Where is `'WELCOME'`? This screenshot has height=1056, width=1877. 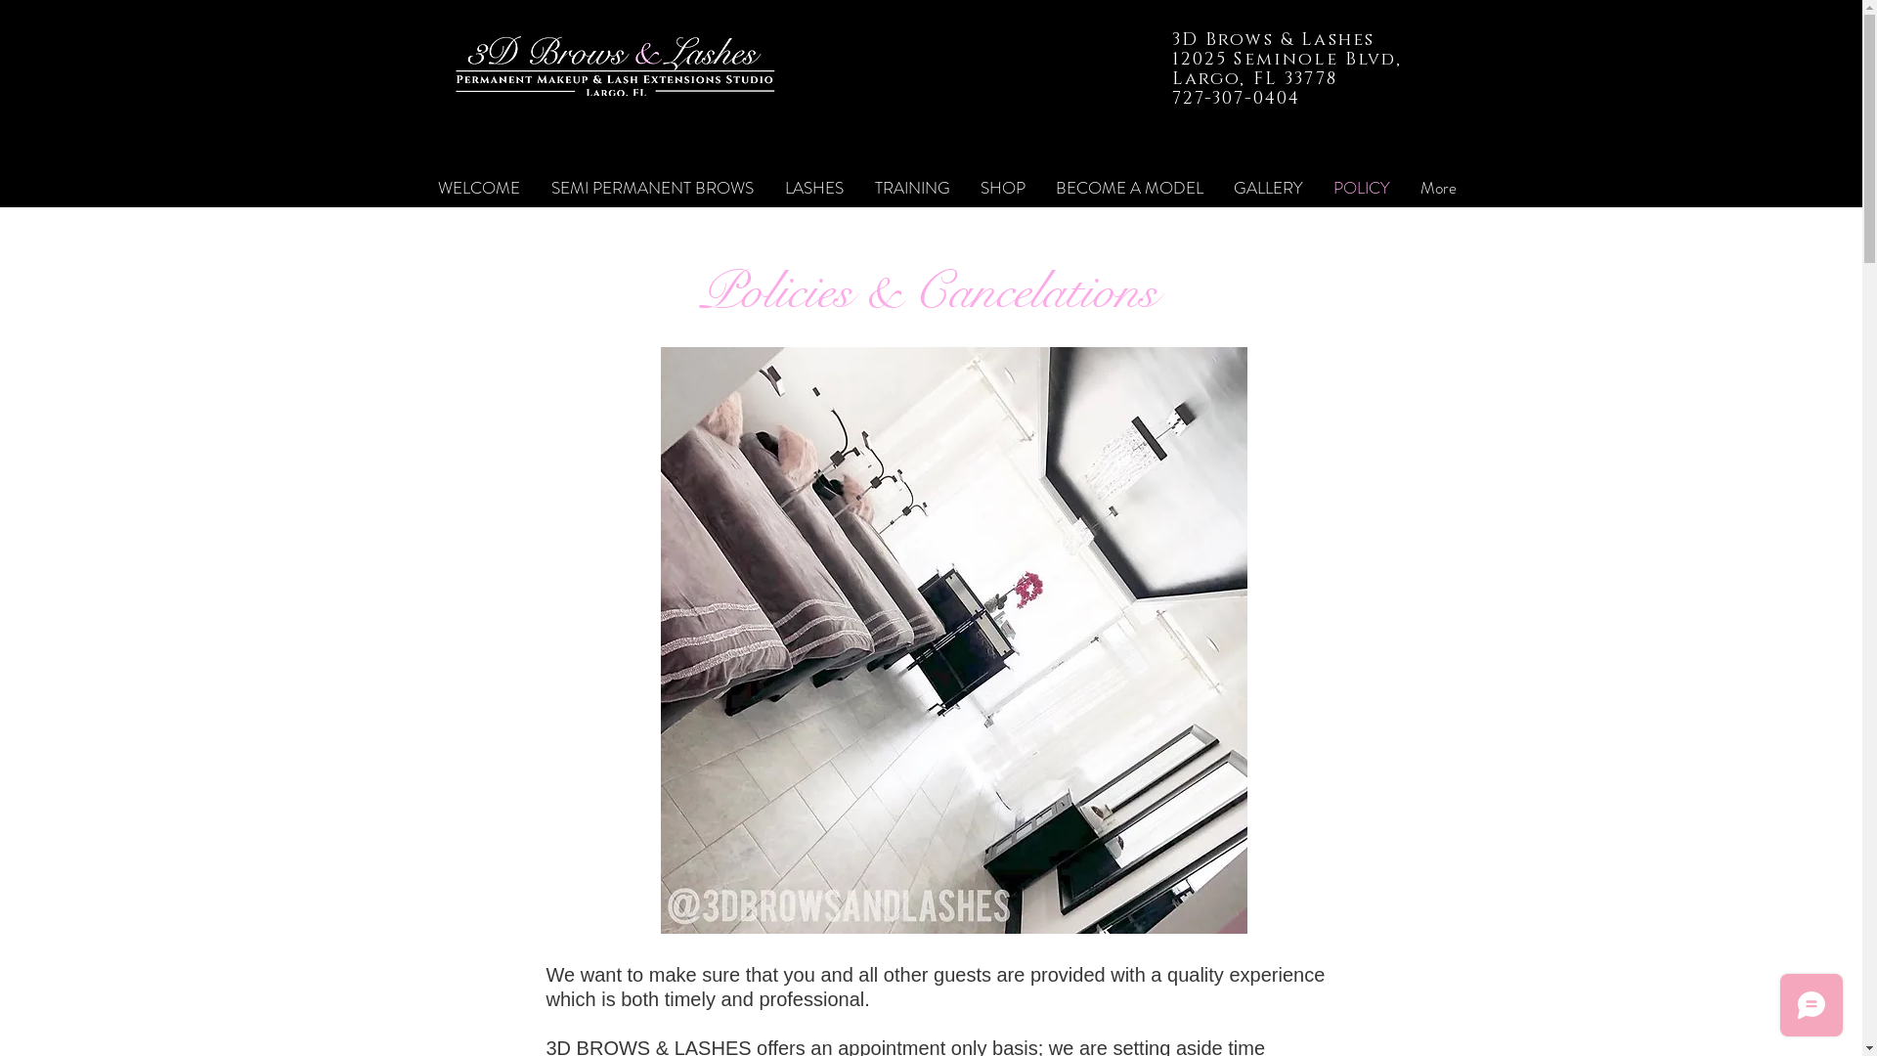
'WELCOME' is located at coordinates (478, 188).